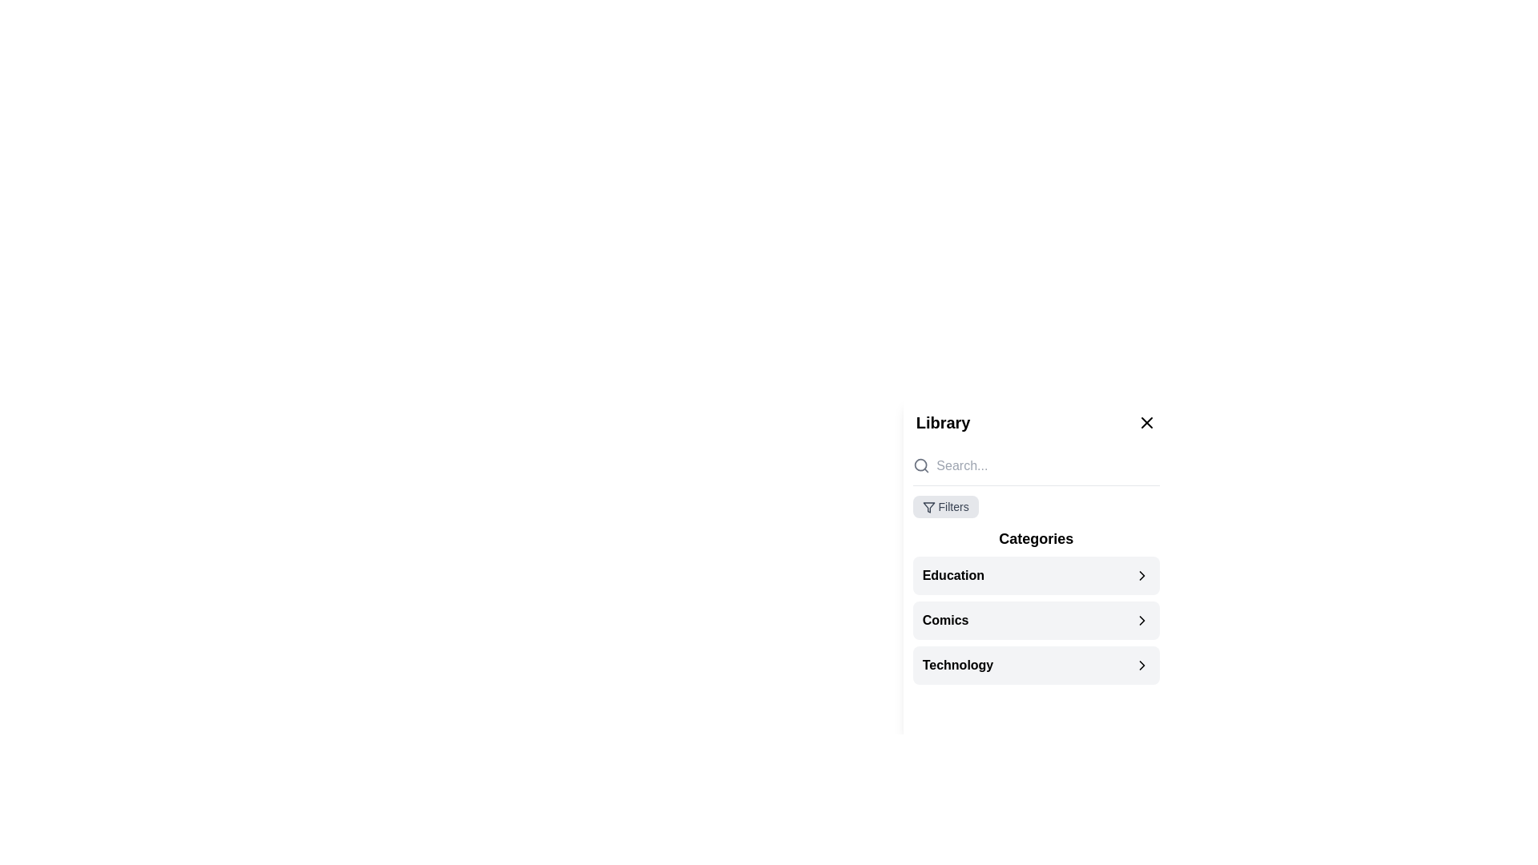 This screenshot has height=865, width=1538. I want to click on the triangular icon pointing downward located within the 'Filters' section of the 'Library' panel, so click(928, 508).